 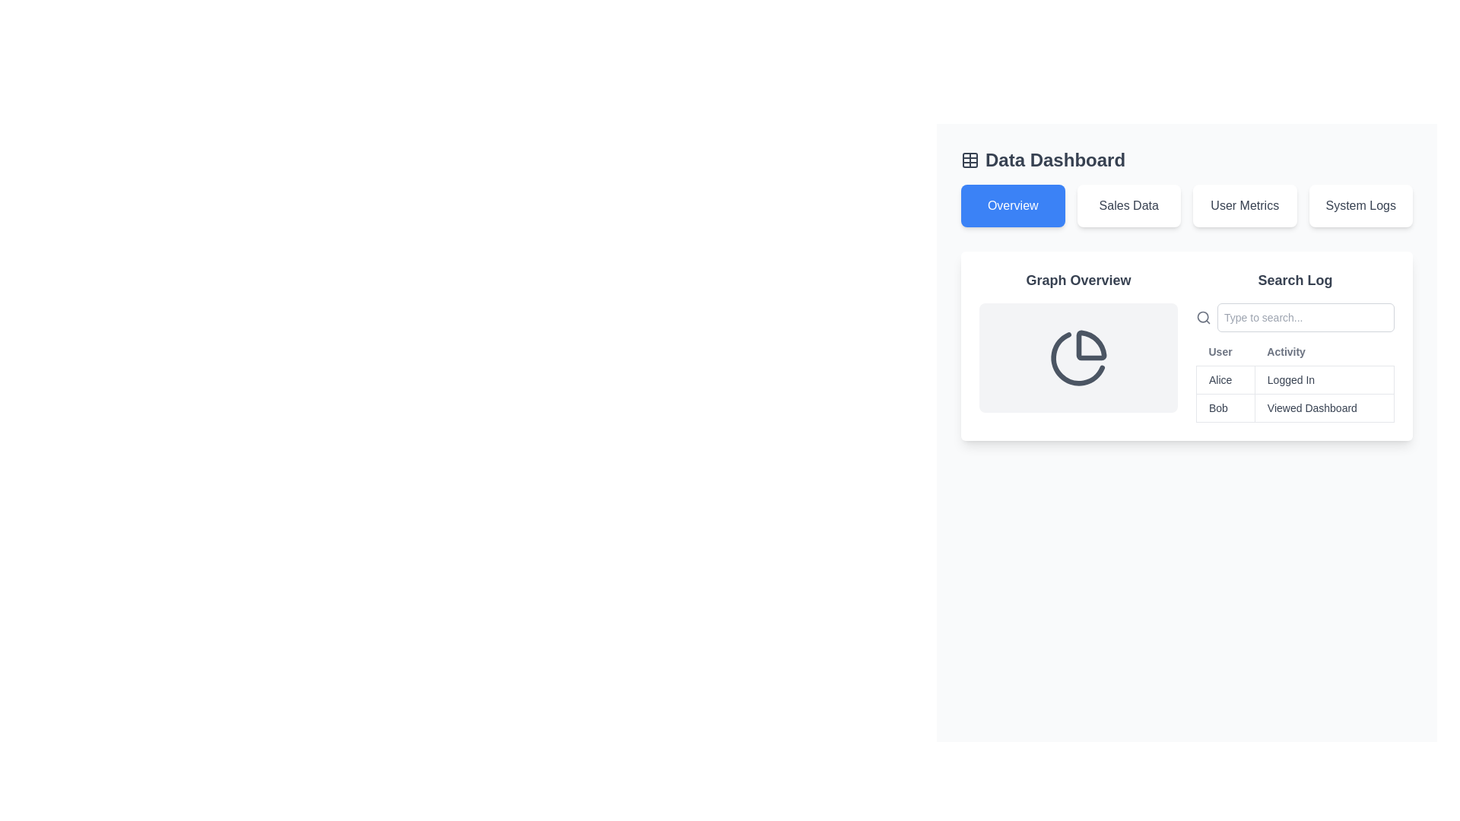 What do you see at coordinates (1078, 357) in the screenshot?
I see `the icon that visually indicates an overview or summary, located within the white card labeled 'Graph Overview' in the middle-right area of the page layout` at bounding box center [1078, 357].